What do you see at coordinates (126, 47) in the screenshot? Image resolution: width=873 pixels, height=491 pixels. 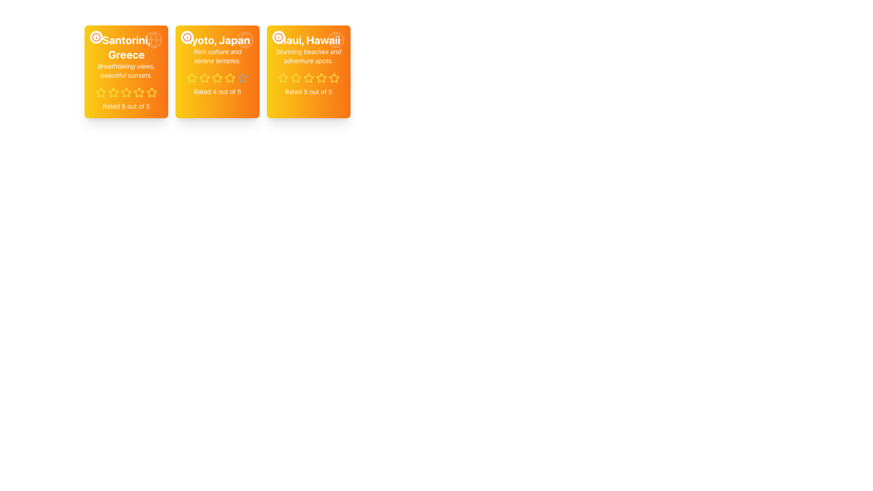 I see `the title text element 'Santorini, Greece' located at the top of the card, which is the leftmost in a sequence of three cards` at bounding box center [126, 47].